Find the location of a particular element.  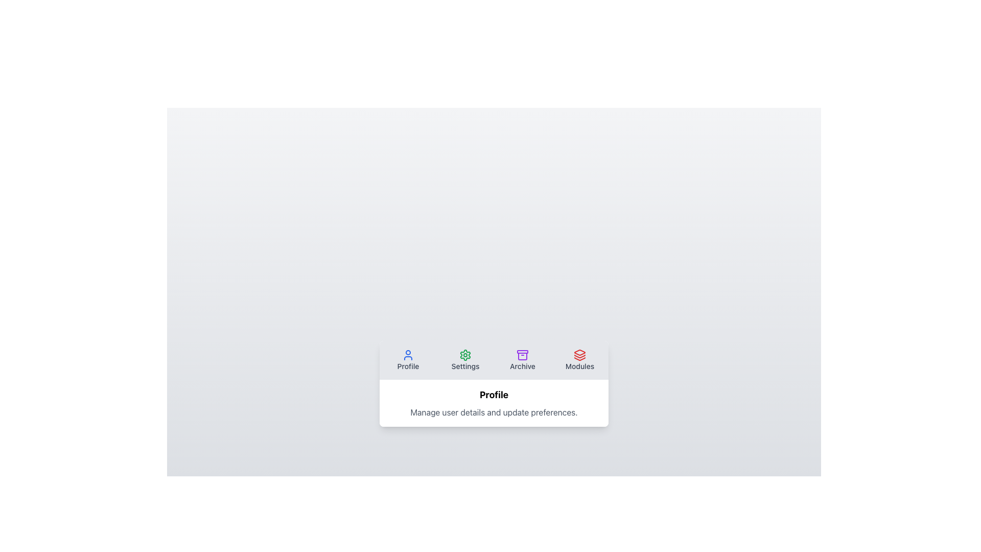

the 'Archive' navigation tab, the third tab in a horizontal layout is located at coordinates (522, 360).